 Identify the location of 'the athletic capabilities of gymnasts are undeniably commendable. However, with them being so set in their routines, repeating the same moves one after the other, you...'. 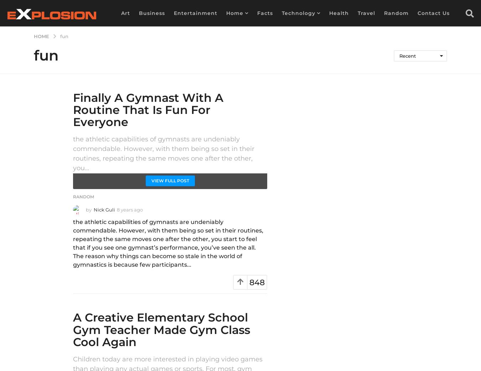
(163, 153).